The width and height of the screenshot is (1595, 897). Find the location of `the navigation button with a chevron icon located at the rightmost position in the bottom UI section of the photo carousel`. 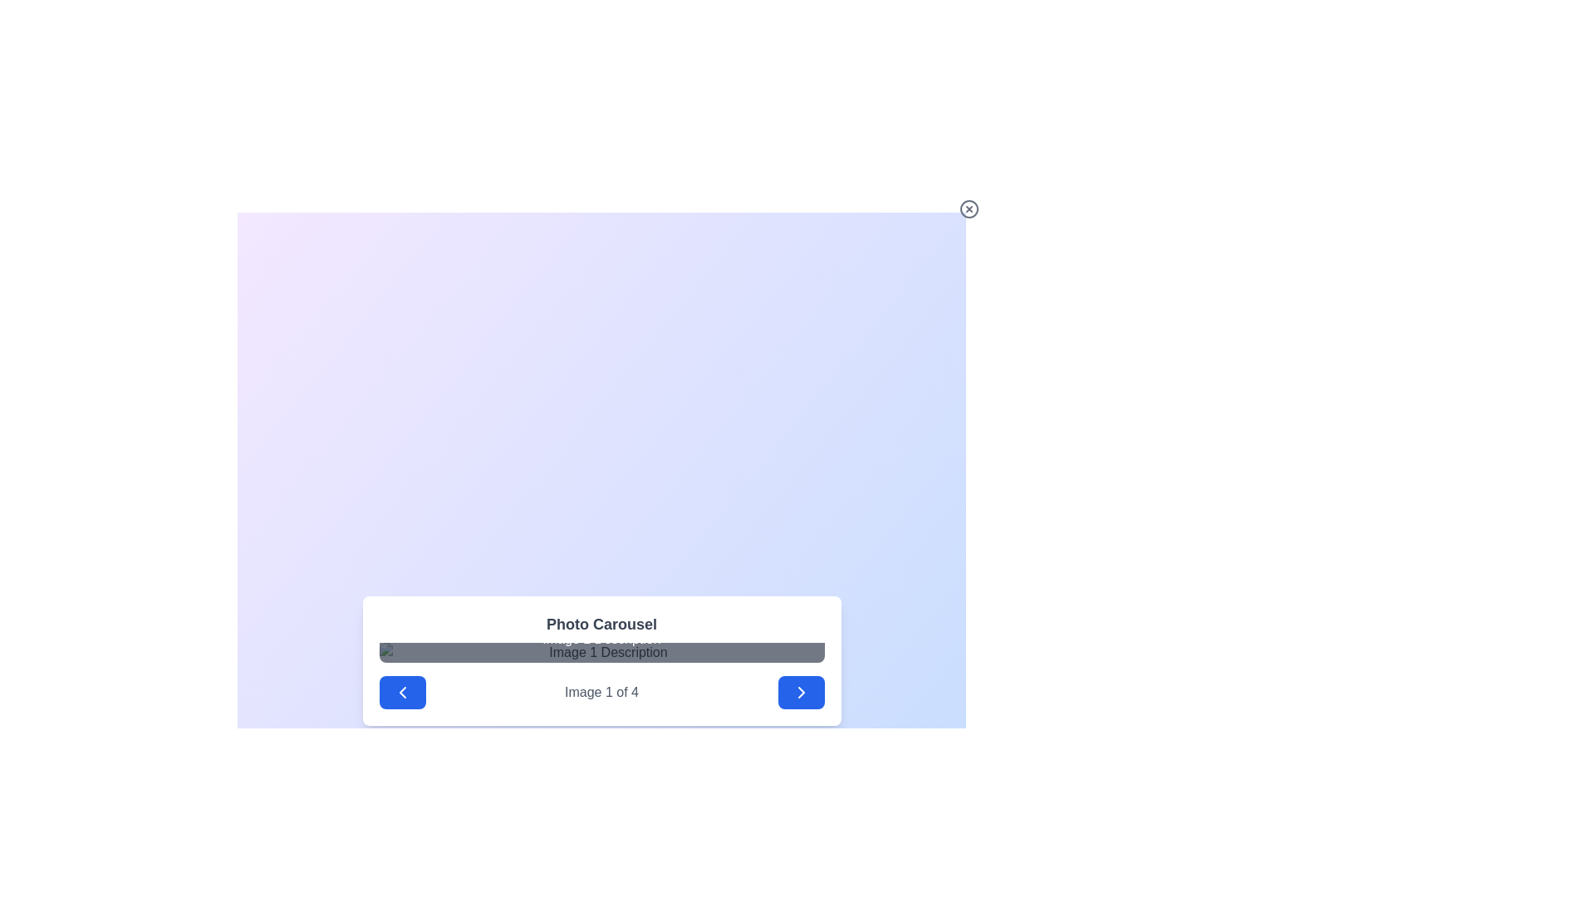

the navigation button with a chevron icon located at the rightmost position in the bottom UI section of the photo carousel is located at coordinates (801, 692).